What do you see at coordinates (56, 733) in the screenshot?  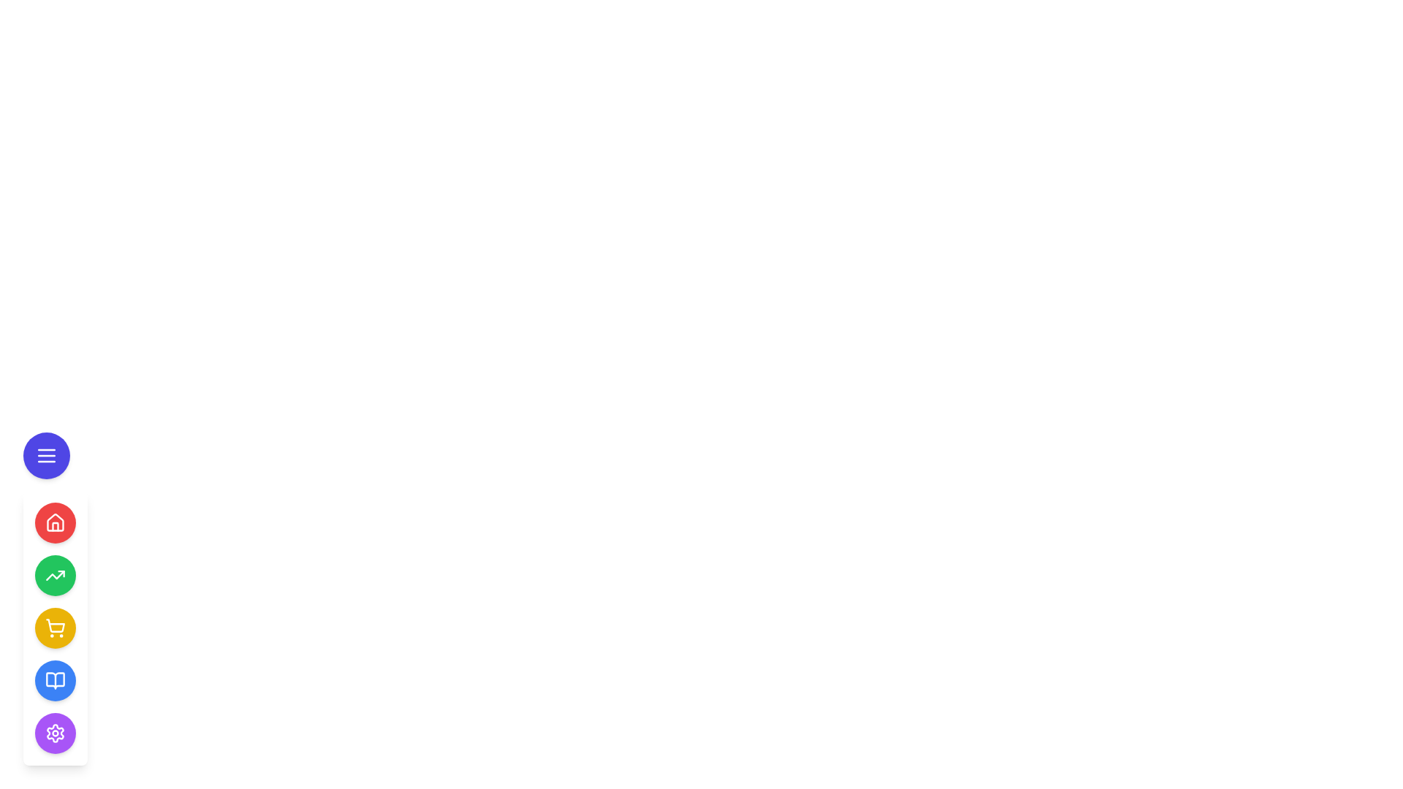 I see `the circular button with a purple background and white cogwheel icon located at the bottom of the vertical set of buttons in the left sidebar` at bounding box center [56, 733].